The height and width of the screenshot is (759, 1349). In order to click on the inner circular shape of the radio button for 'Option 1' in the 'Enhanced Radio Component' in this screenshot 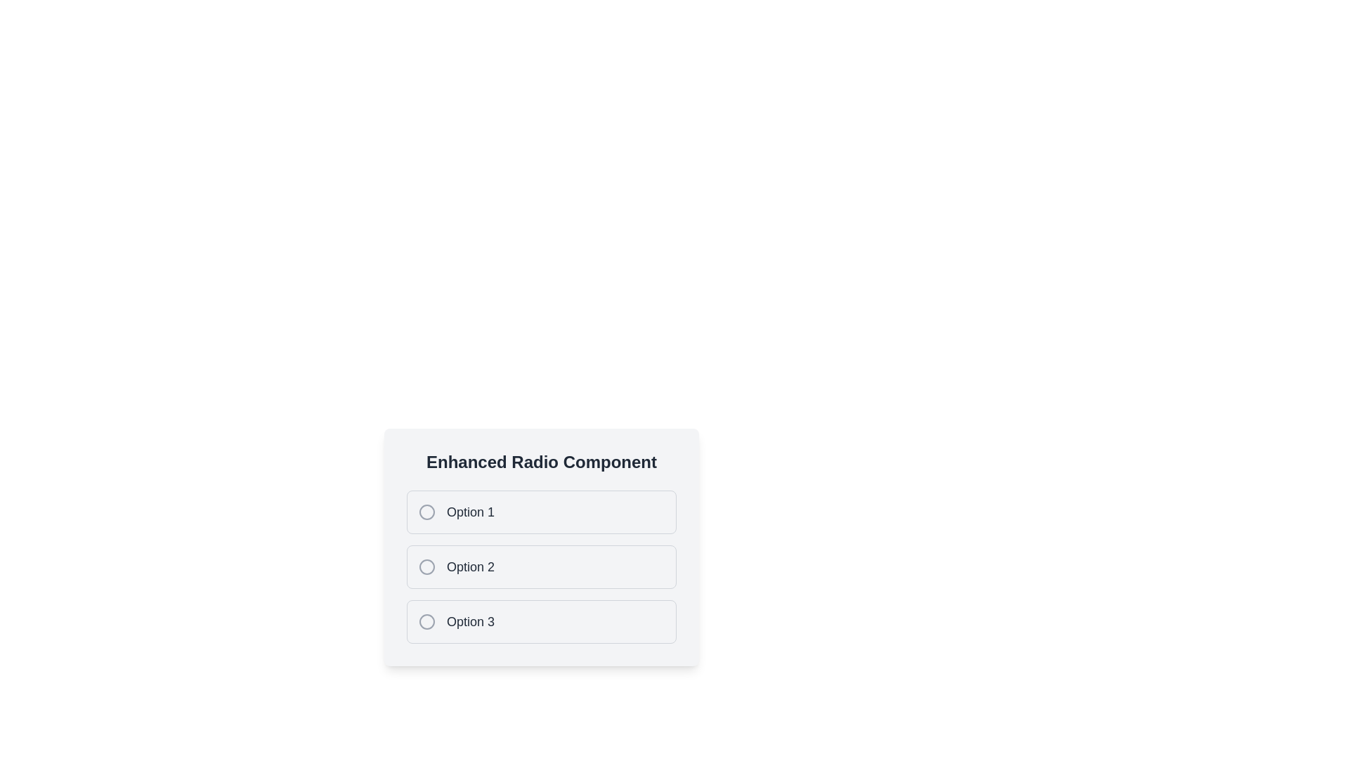, I will do `click(426, 512)`.